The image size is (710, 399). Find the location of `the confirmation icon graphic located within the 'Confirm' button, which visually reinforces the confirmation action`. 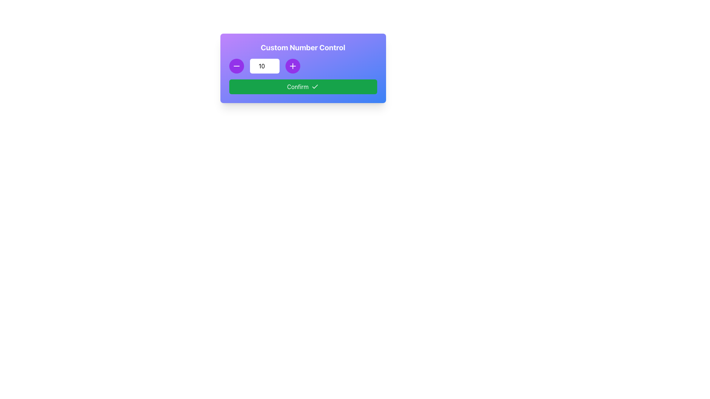

the confirmation icon graphic located within the 'Confirm' button, which visually reinforces the confirmation action is located at coordinates (315, 86).